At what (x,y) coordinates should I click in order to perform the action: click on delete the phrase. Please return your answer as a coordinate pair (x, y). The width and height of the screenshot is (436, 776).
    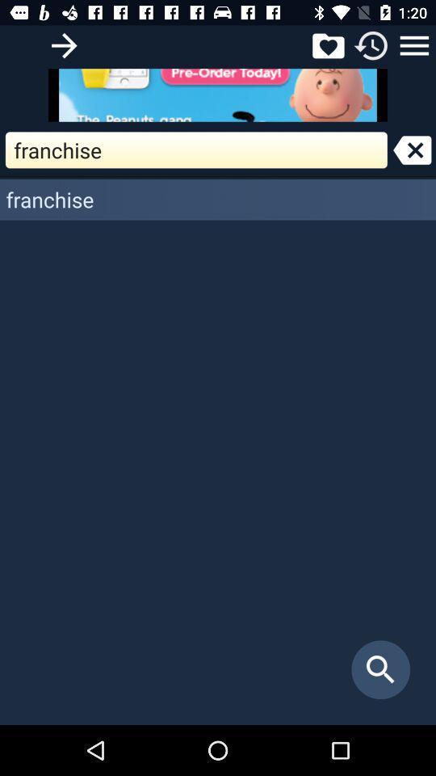
    Looking at the image, I should click on (412, 150).